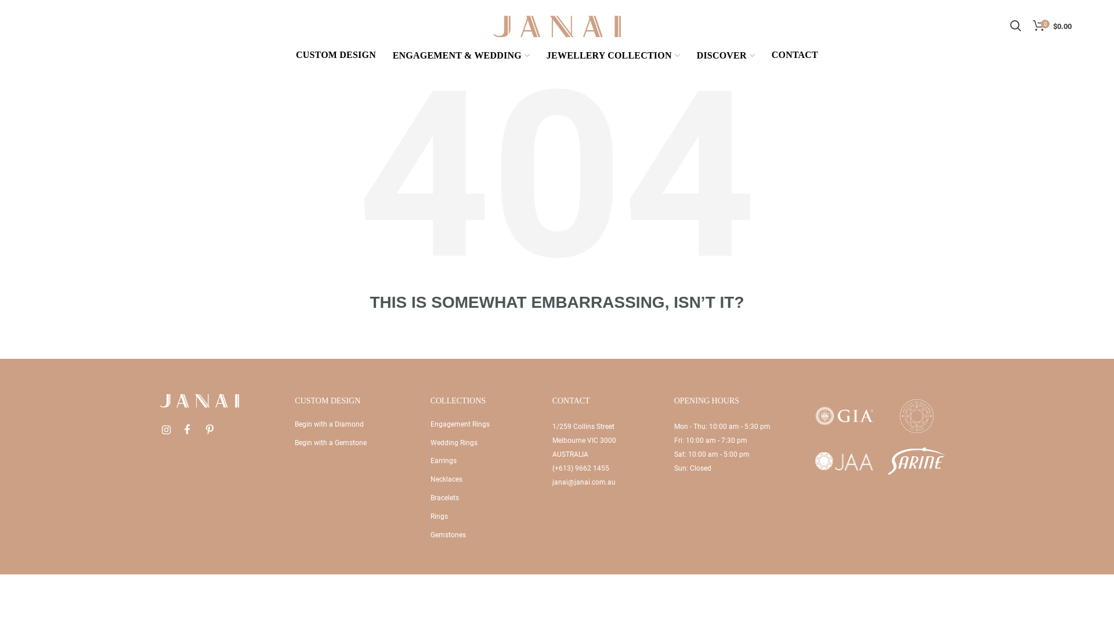 This screenshot has height=626, width=1114. I want to click on 'Janai Jewellery - Diamond Engagement Rings Melbourne', so click(557, 25).